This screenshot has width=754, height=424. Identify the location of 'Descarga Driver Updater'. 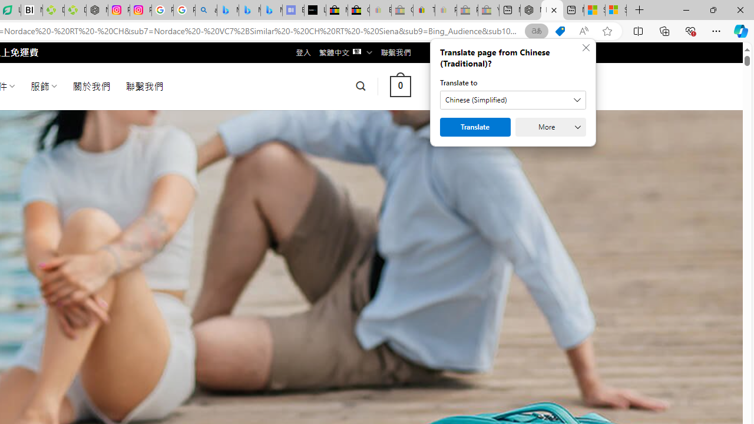
(75, 10).